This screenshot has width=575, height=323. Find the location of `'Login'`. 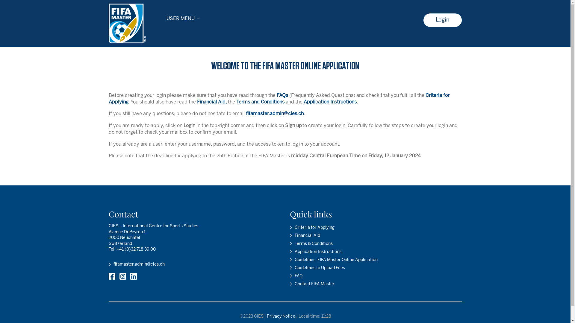

'Login' is located at coordinates (442, 20).